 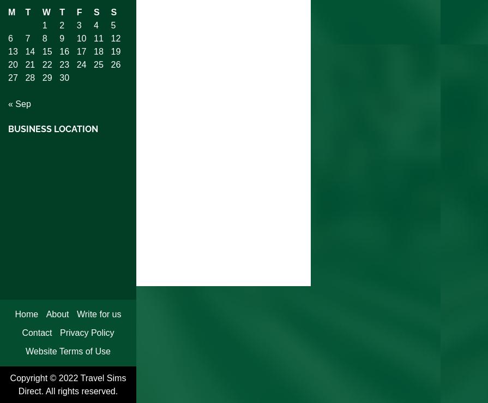 I want to click on '13', so click(x=13, y=50).